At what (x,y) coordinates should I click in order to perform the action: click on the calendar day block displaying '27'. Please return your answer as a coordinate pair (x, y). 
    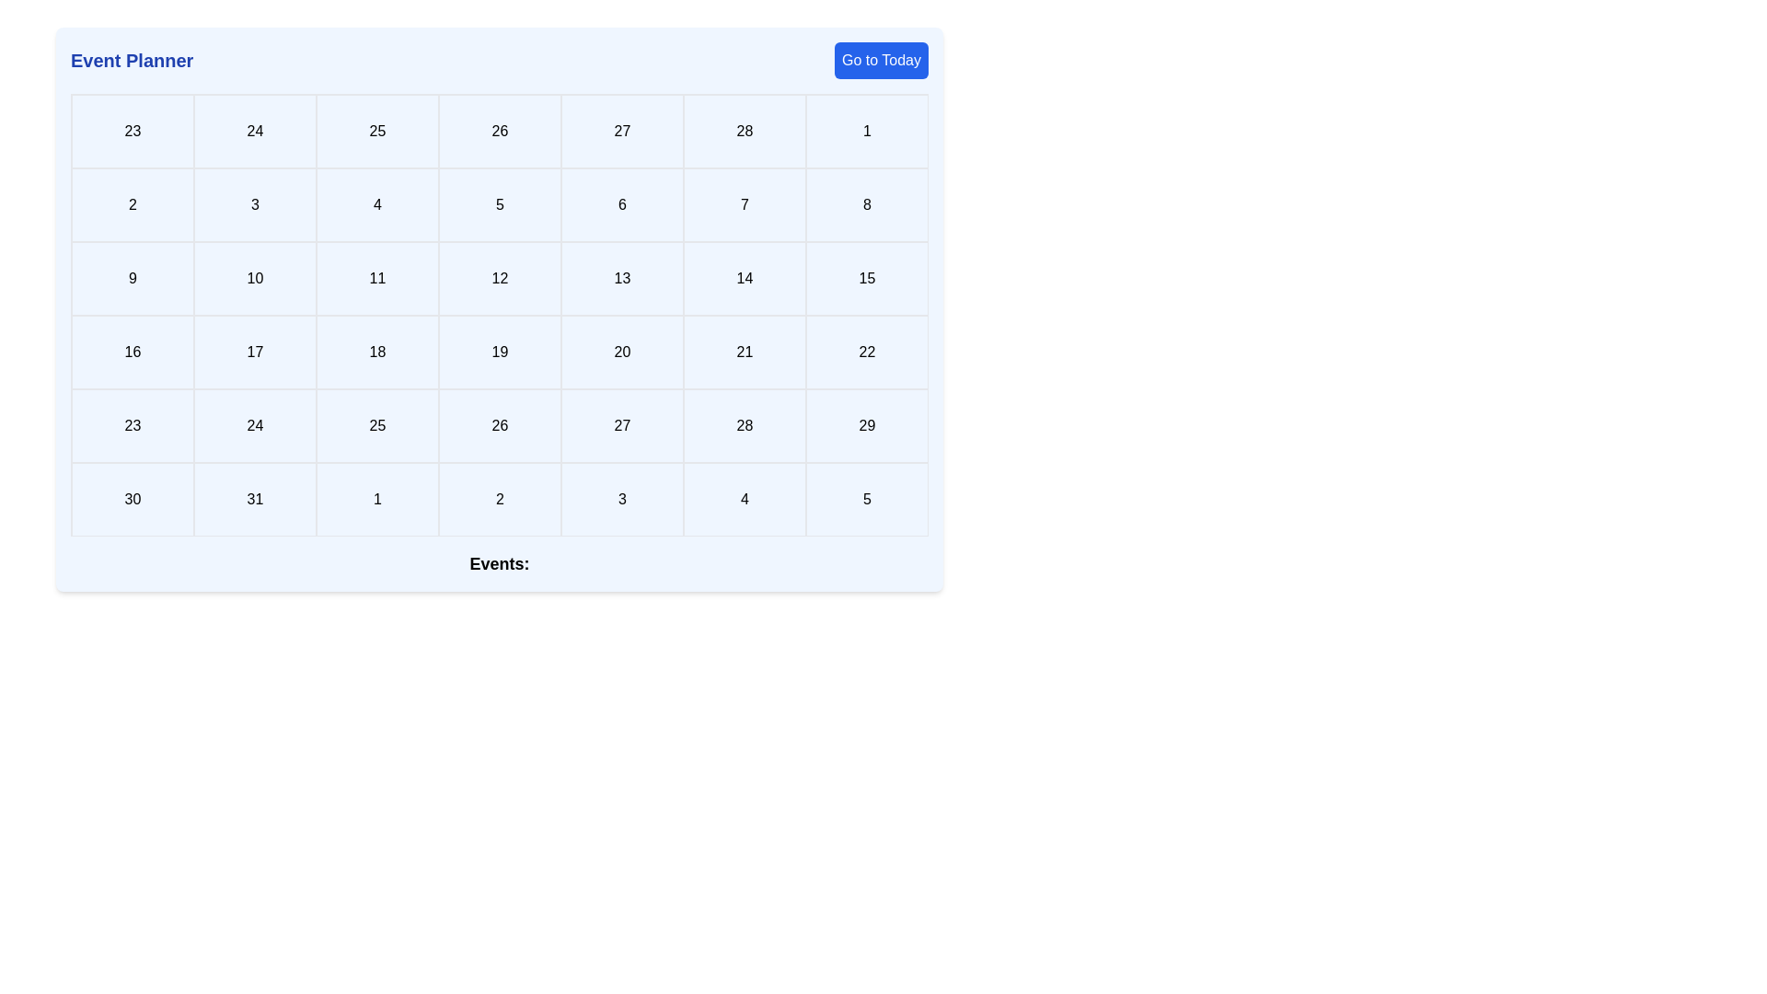
    Looking at the image, I should click on (622, 425).